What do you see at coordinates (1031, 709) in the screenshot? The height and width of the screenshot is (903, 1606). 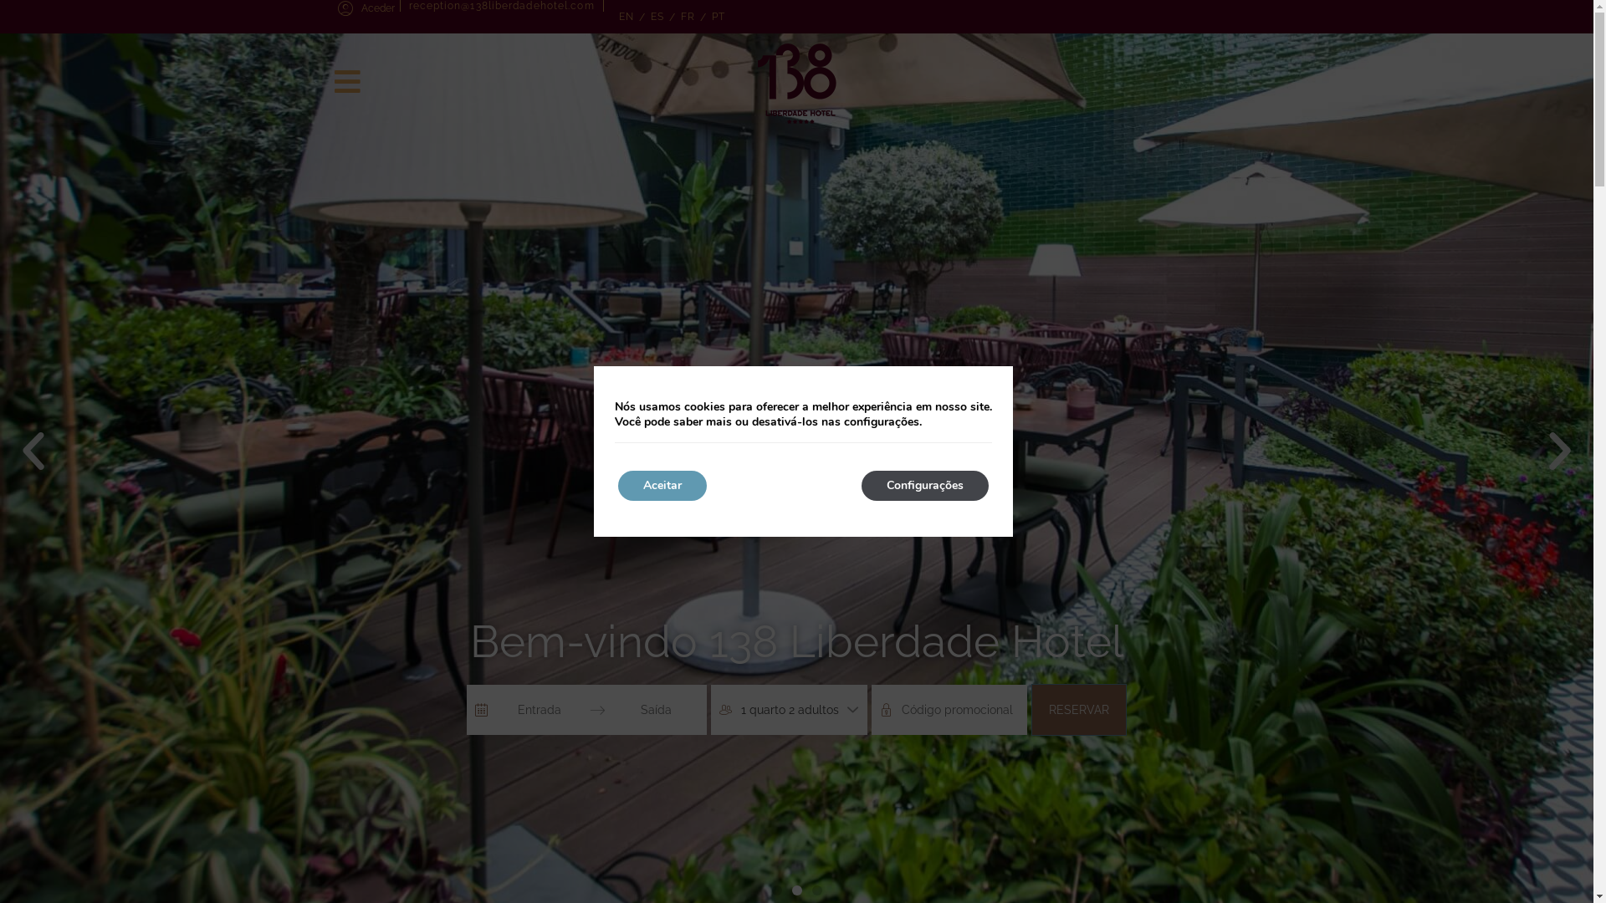 I see `'RESERVAR'` at bounding box center [1031, 709].